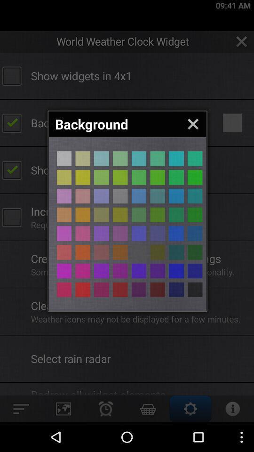 This screenshot has height=452, width=254. What do you see at coordinates (120, 271) in the screenshot?
I see `this color` at bounding box center [120, 271].